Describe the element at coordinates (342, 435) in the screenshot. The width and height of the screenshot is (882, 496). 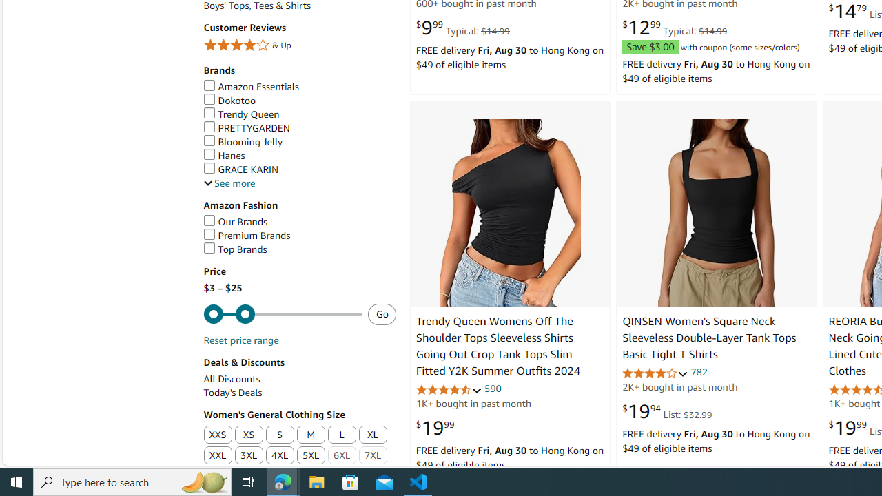
I see `'L'` at that location.